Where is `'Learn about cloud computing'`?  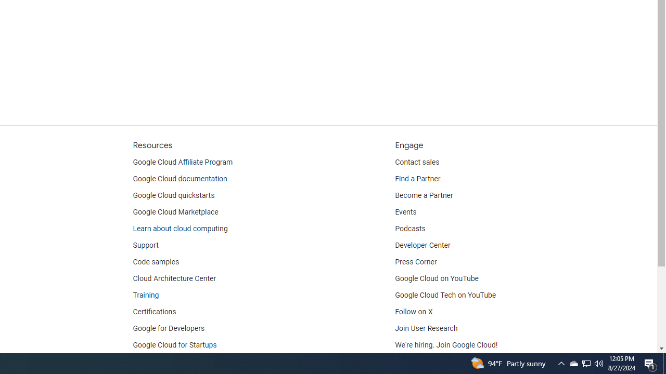 'Learn about cloud computing' is located at coordinates (180, 229).